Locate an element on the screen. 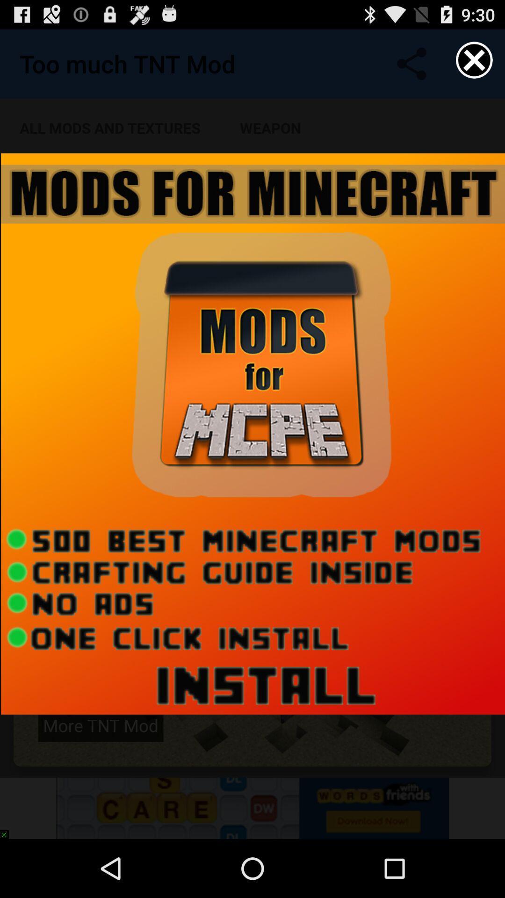 This screenshot has height=898, width=505. button is located at coordinates (474, 59).